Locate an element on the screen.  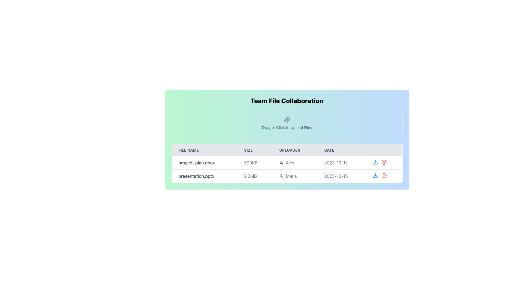
the delete button in the second row of the file management table is located at coordinates (384, 162).